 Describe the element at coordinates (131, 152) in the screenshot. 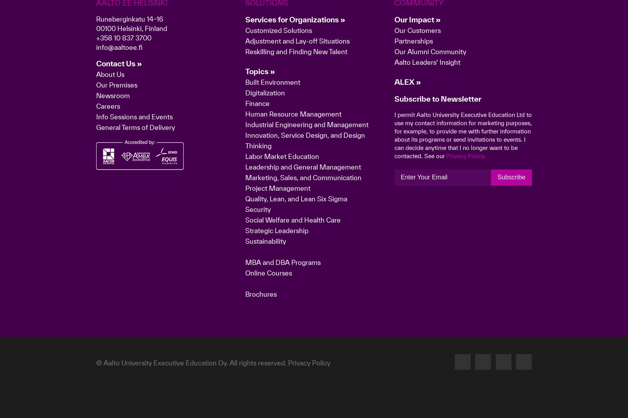

I see `'00100 Helsinki, Finland'` at that location.